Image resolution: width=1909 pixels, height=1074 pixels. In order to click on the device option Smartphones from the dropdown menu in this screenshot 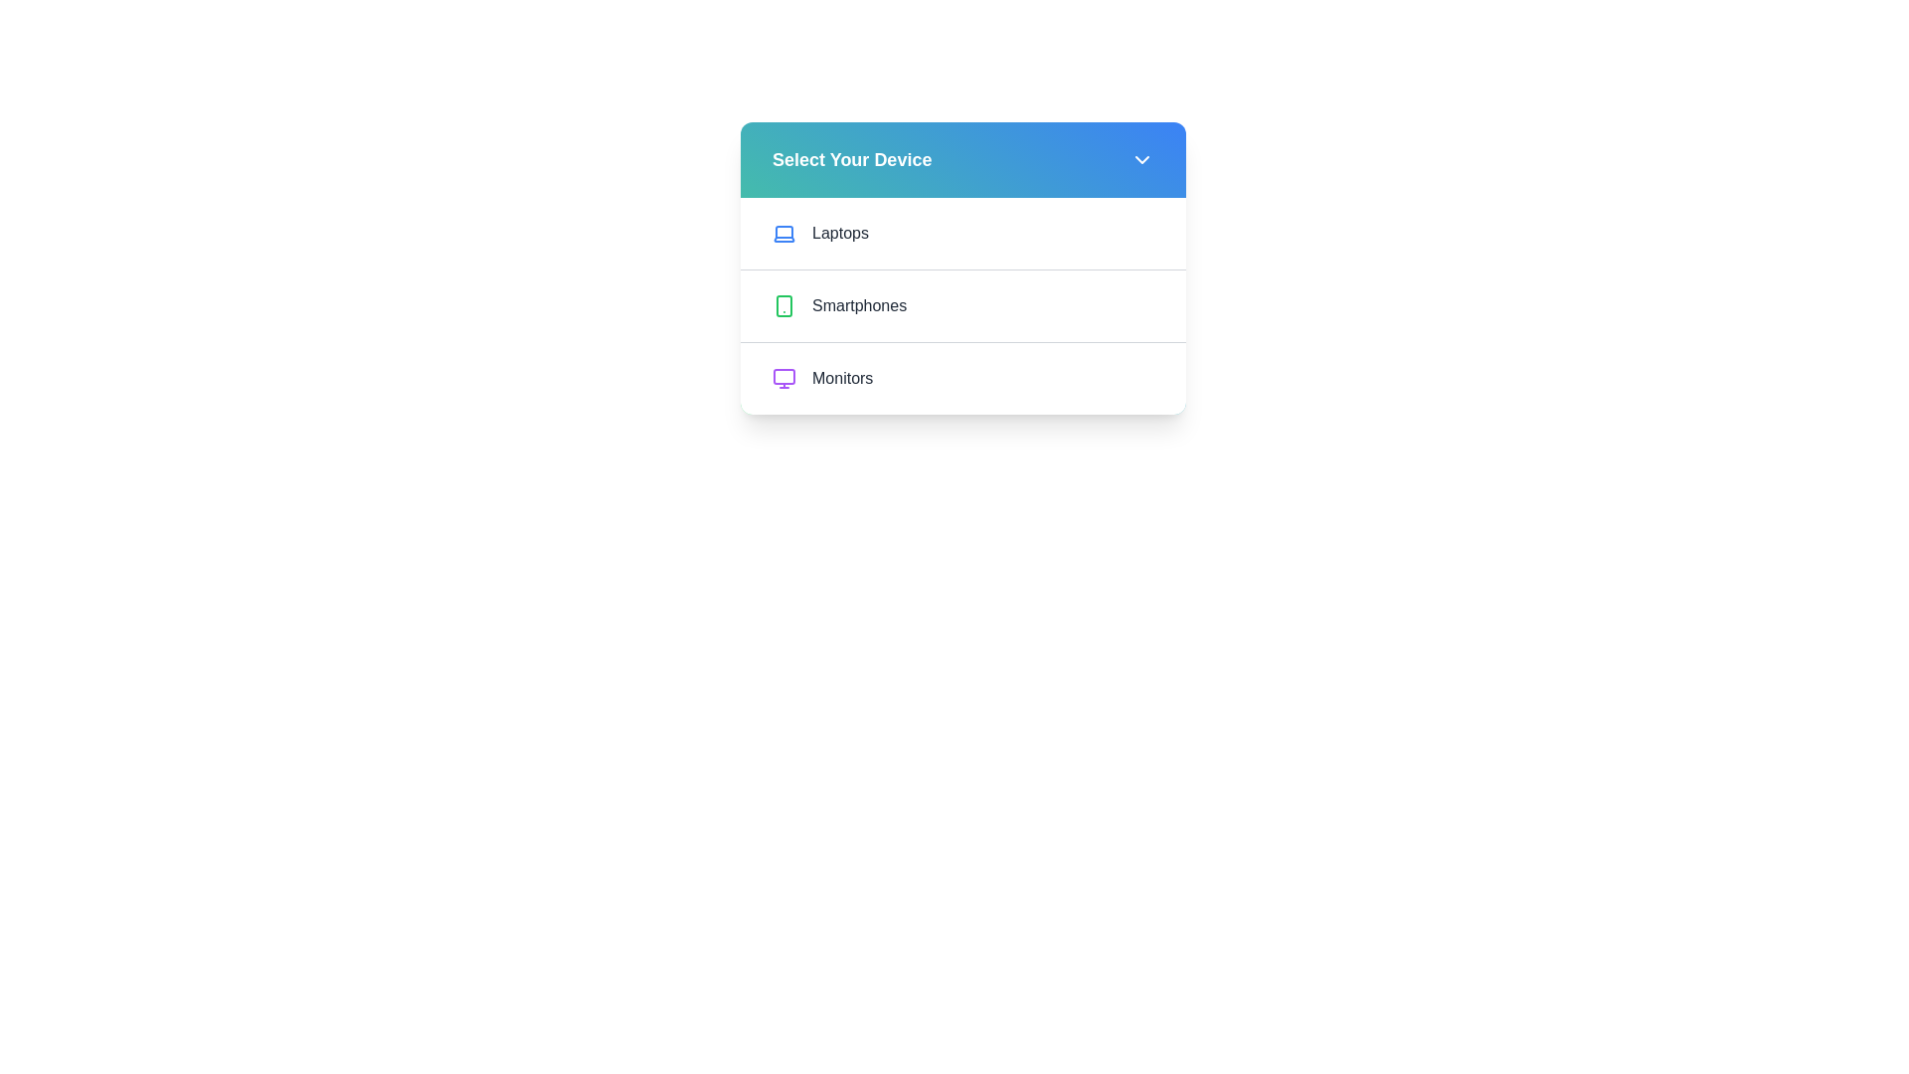, I will do `click(963, 305)`.